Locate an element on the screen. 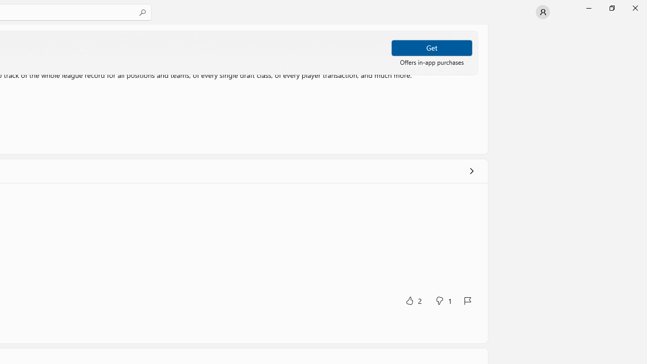 The width and height of the screenshot is (647, 364). 'No, this was not helpful. 1 votes.' is located at coordinates (443, 300).